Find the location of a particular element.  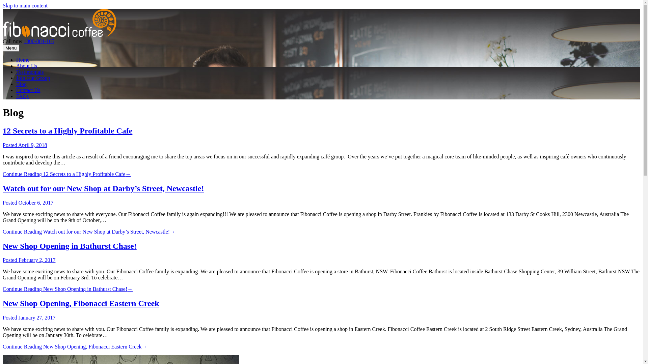

'About Us' is located at coordinates (26, 66).